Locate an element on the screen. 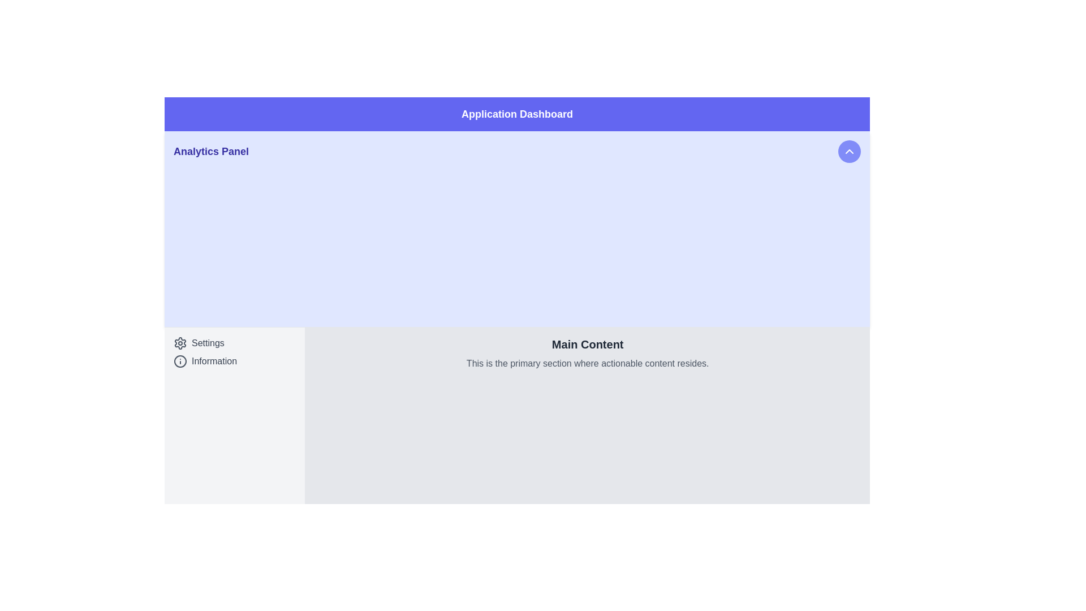 The height and width of the screenshot is (611, 1086). the settings icon located in the sidebar is located at coordinates (179, 342).